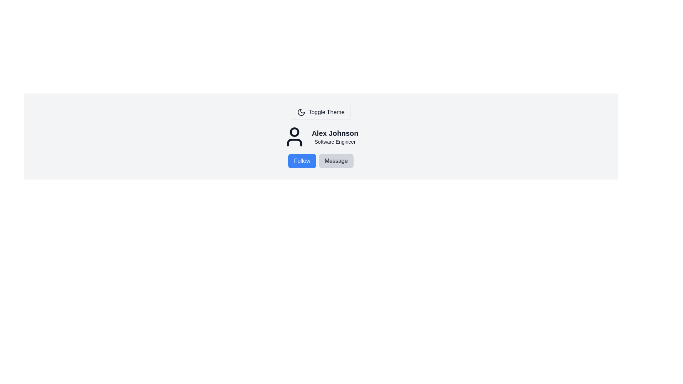  Describe the element at coordinates (334, 142) in the screenshot. I see `the static text label that describes the job title or role of the person named above it, specifically located below 'Alex Johnson'` at that location.